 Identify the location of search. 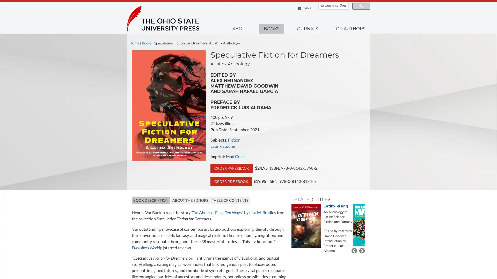
(361, 6).